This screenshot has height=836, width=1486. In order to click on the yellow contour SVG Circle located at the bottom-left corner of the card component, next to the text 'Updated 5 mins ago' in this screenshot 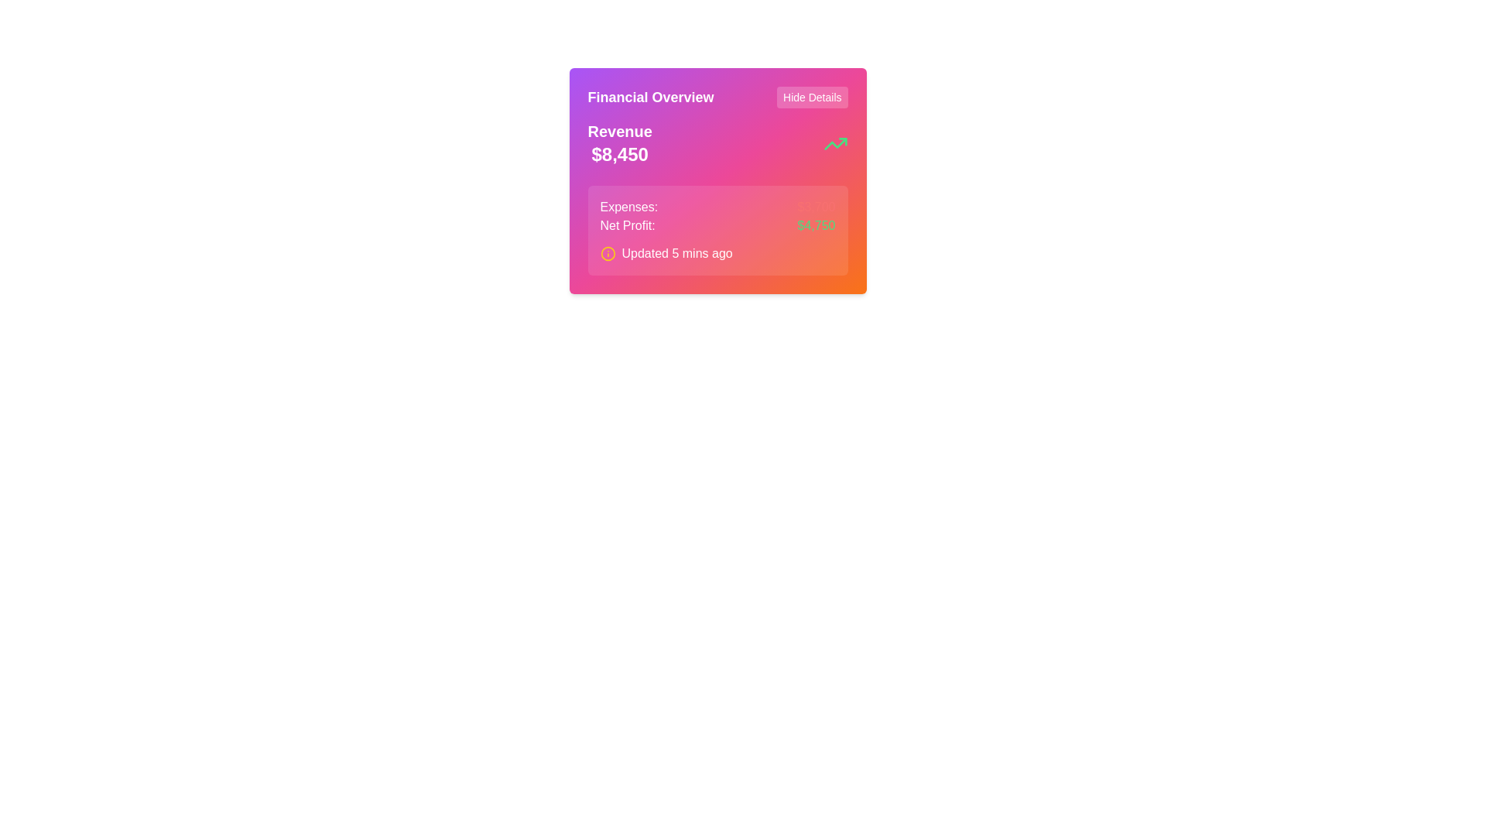, I will do `click(607, 252)`.